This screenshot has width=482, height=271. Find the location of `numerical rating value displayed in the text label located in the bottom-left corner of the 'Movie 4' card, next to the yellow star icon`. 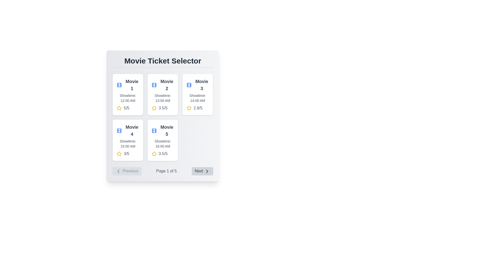

numerical rating value displayed in the text label located in the bottom-left corner of the 'Movie 4' card, next to the yellow star icon is located at coordinates (127, 154).